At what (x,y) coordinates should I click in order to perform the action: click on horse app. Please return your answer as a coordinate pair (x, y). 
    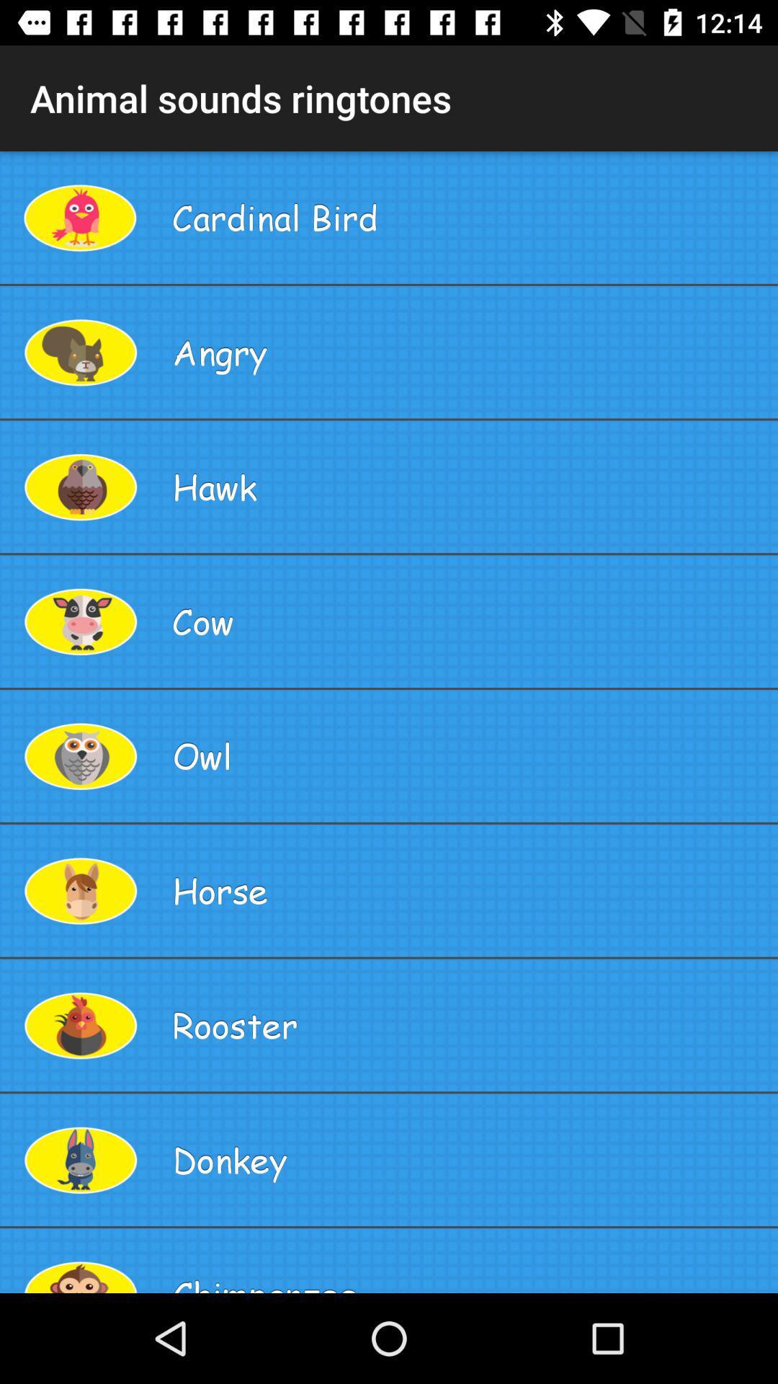
    Looking at the image, I should click on (469, 890).